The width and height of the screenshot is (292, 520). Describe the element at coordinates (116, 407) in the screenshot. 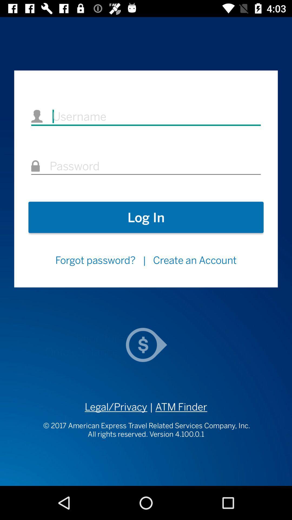

I see `icon above the 2017 american express` at that location.